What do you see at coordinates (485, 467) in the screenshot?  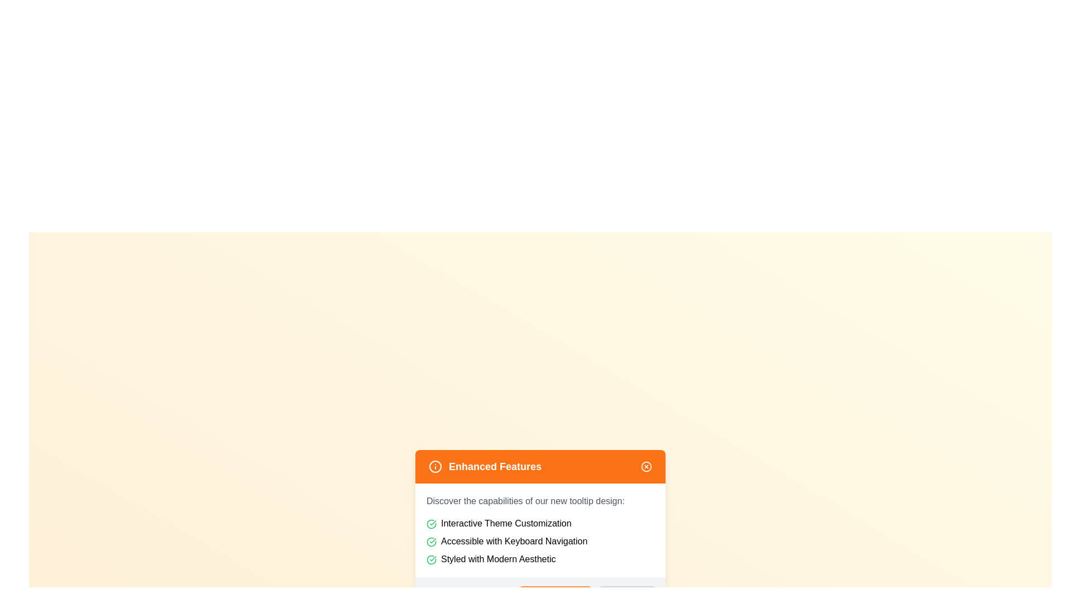 I see `the text label displaying 'Enhanced Features' which is styled with white text on an orange background and positioned in the upper-left part of the header bar` at bounding box center [485, 467].